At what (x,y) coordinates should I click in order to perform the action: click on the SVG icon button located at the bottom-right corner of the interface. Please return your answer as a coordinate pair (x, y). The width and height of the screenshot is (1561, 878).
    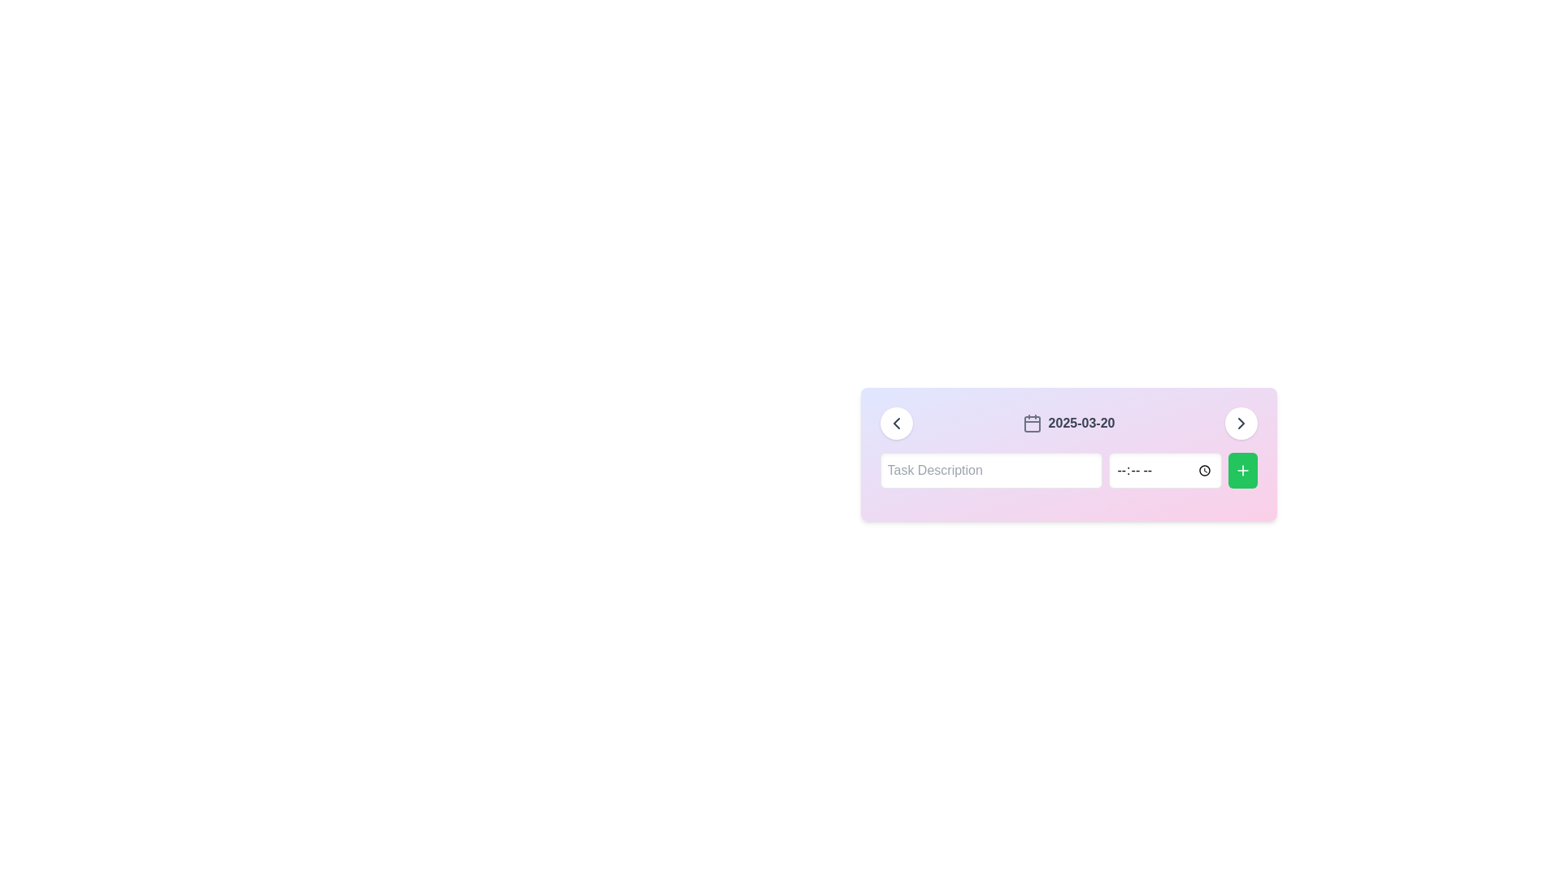
    Looking at the image, I should click on (1240, 422).